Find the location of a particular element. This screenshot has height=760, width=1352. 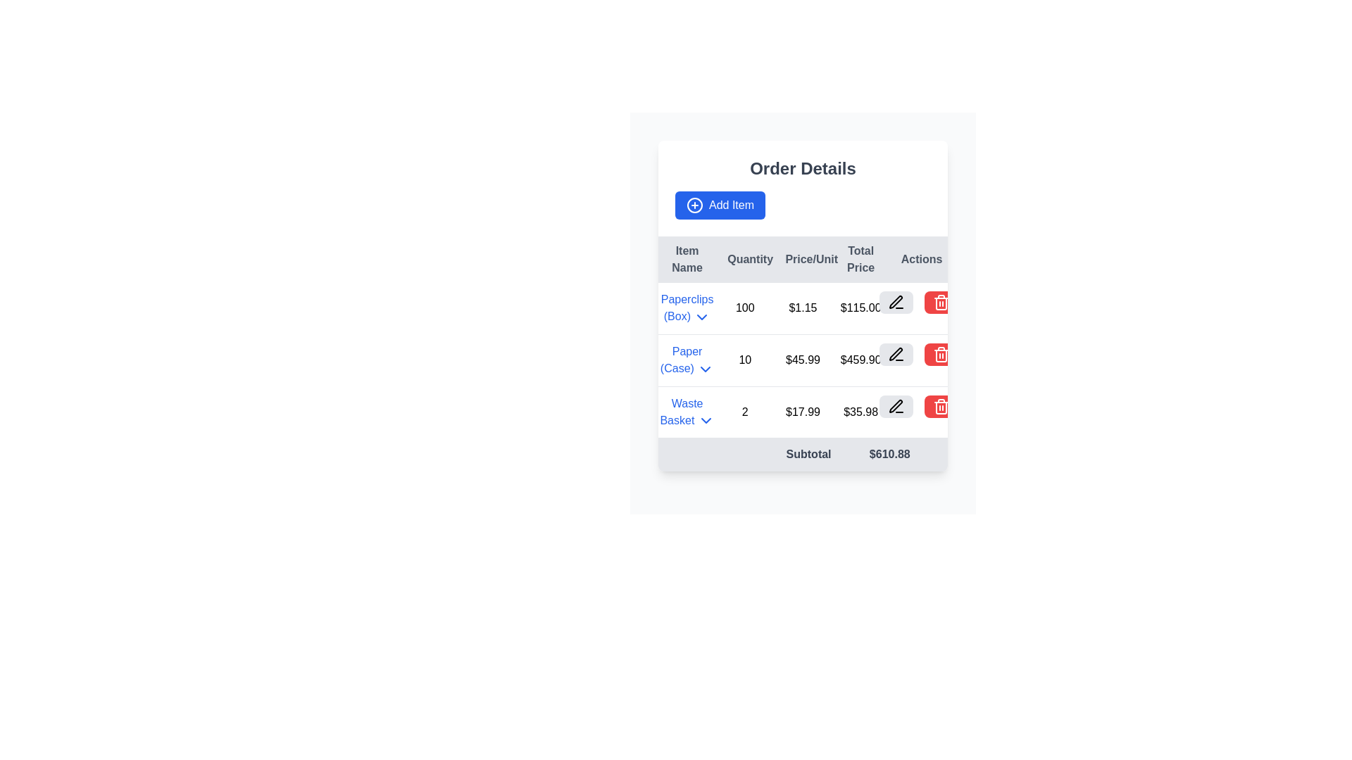

price value displayed in the price label showing '$1.15', which is located in the first row of the table under the 'Price/Unit' column is located at coordinates (803, 308).